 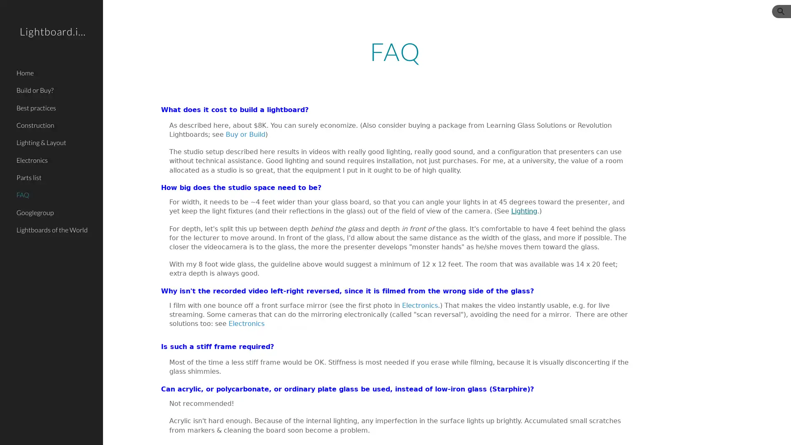 What do you see at coordinates (167, 430) in the screenshot?
I see `Google Sites` at bounding box center [167, 430].